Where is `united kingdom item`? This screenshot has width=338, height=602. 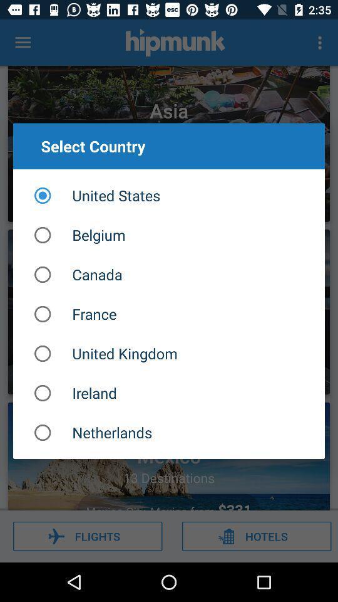 united kingdom item is located at coordinates (169, 354).